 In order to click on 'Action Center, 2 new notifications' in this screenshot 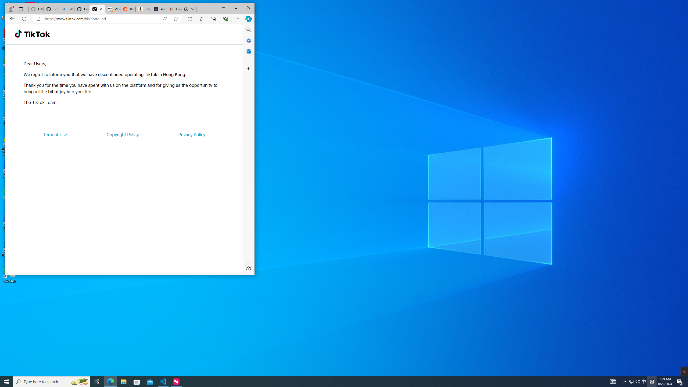, I will do `click(680, 381)`.